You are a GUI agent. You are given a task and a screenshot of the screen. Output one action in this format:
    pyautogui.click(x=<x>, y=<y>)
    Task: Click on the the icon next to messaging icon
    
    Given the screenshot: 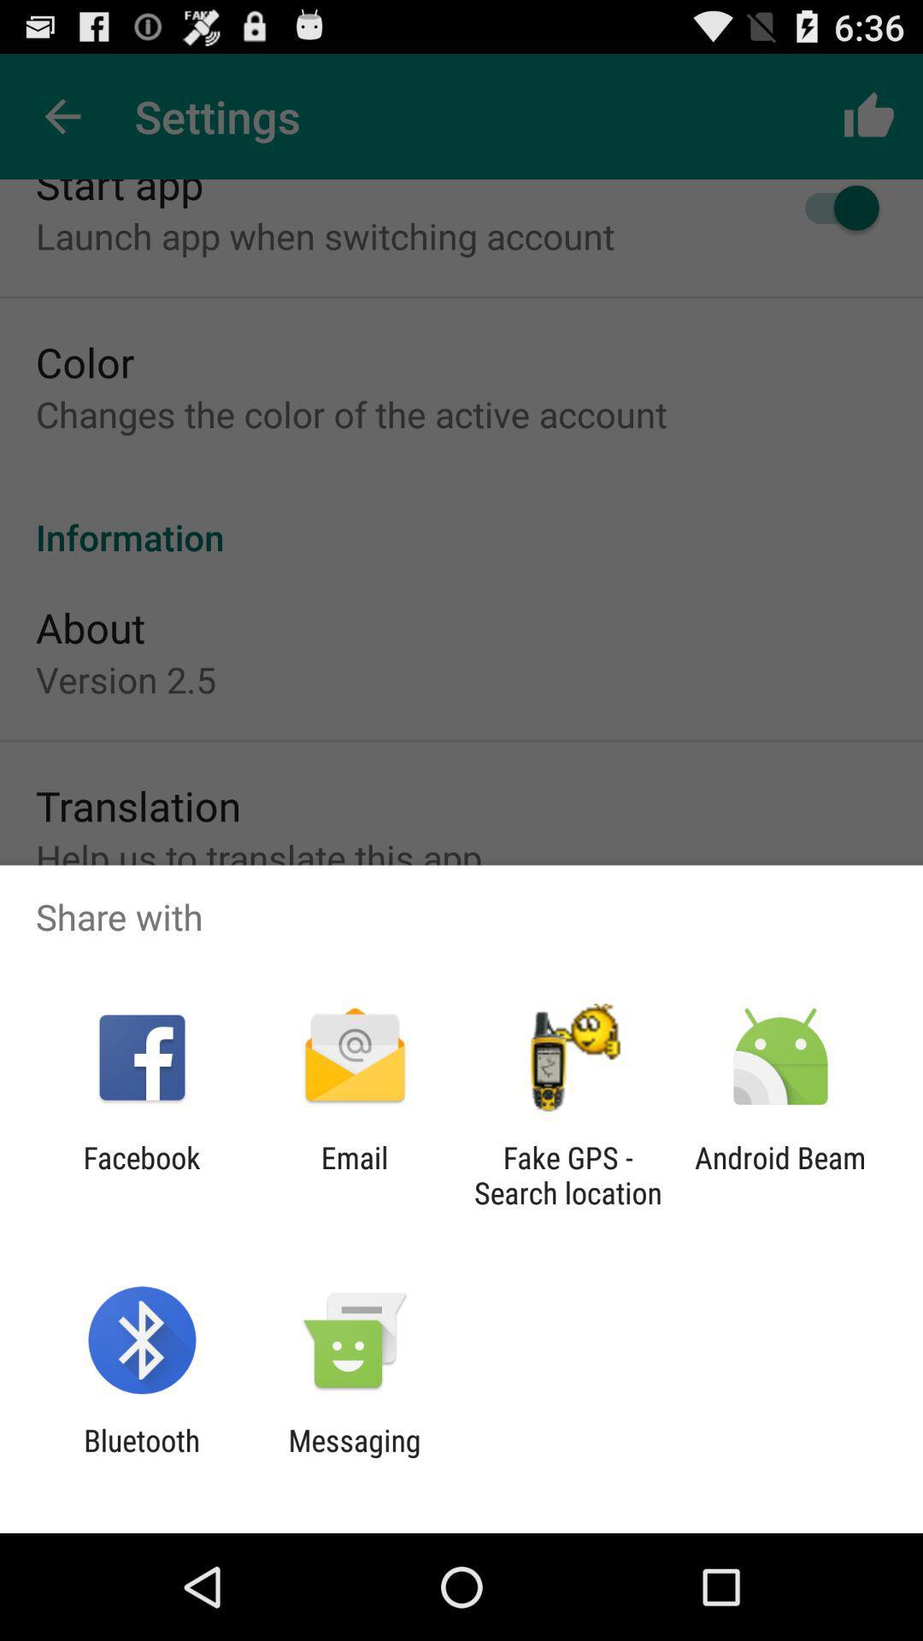 What is the action you would take?
    pyautogui.click(x=141, y=1457)
    